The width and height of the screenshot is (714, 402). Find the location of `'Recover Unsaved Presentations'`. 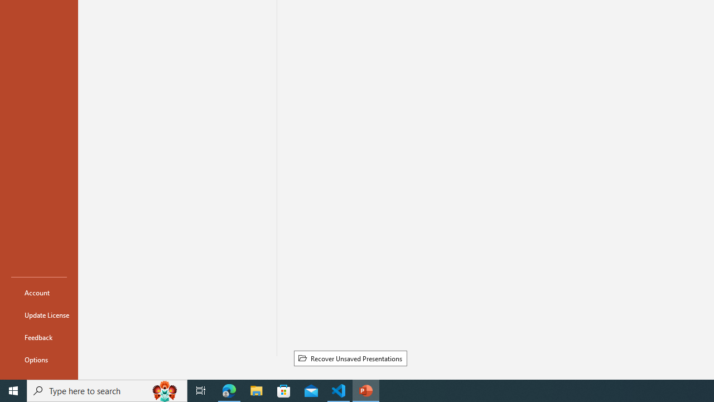

'Recover Unsaved Presentations' is located at coordinates (350, 358).